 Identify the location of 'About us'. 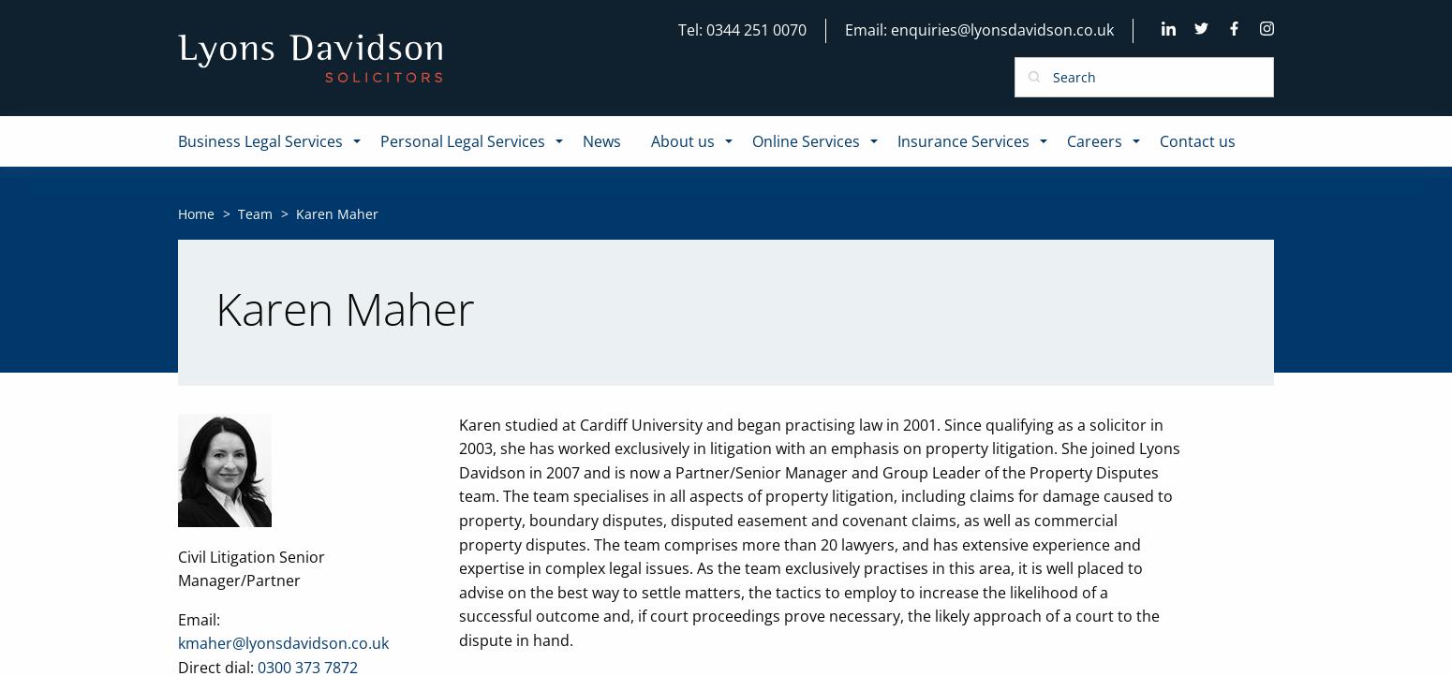
(682, 140).